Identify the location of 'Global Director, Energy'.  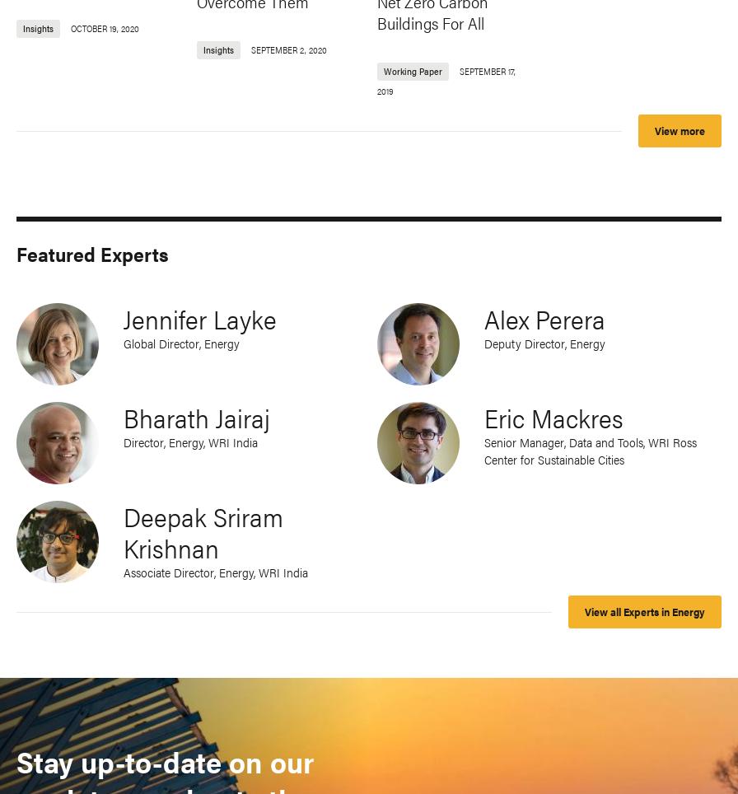
(181, 342).